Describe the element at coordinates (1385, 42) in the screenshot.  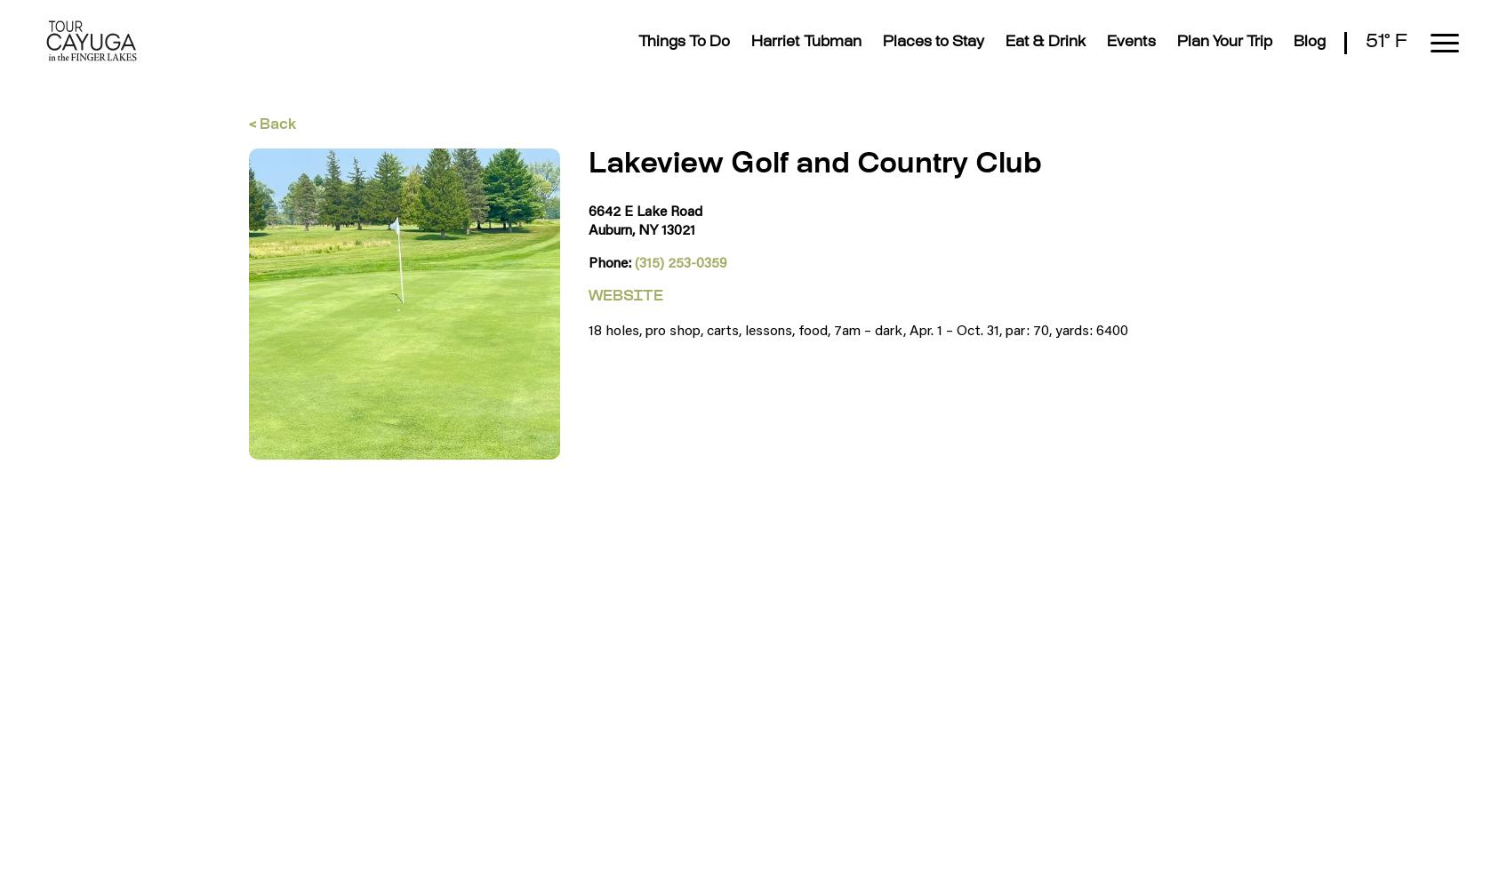
I see `'51° F'` at that location.